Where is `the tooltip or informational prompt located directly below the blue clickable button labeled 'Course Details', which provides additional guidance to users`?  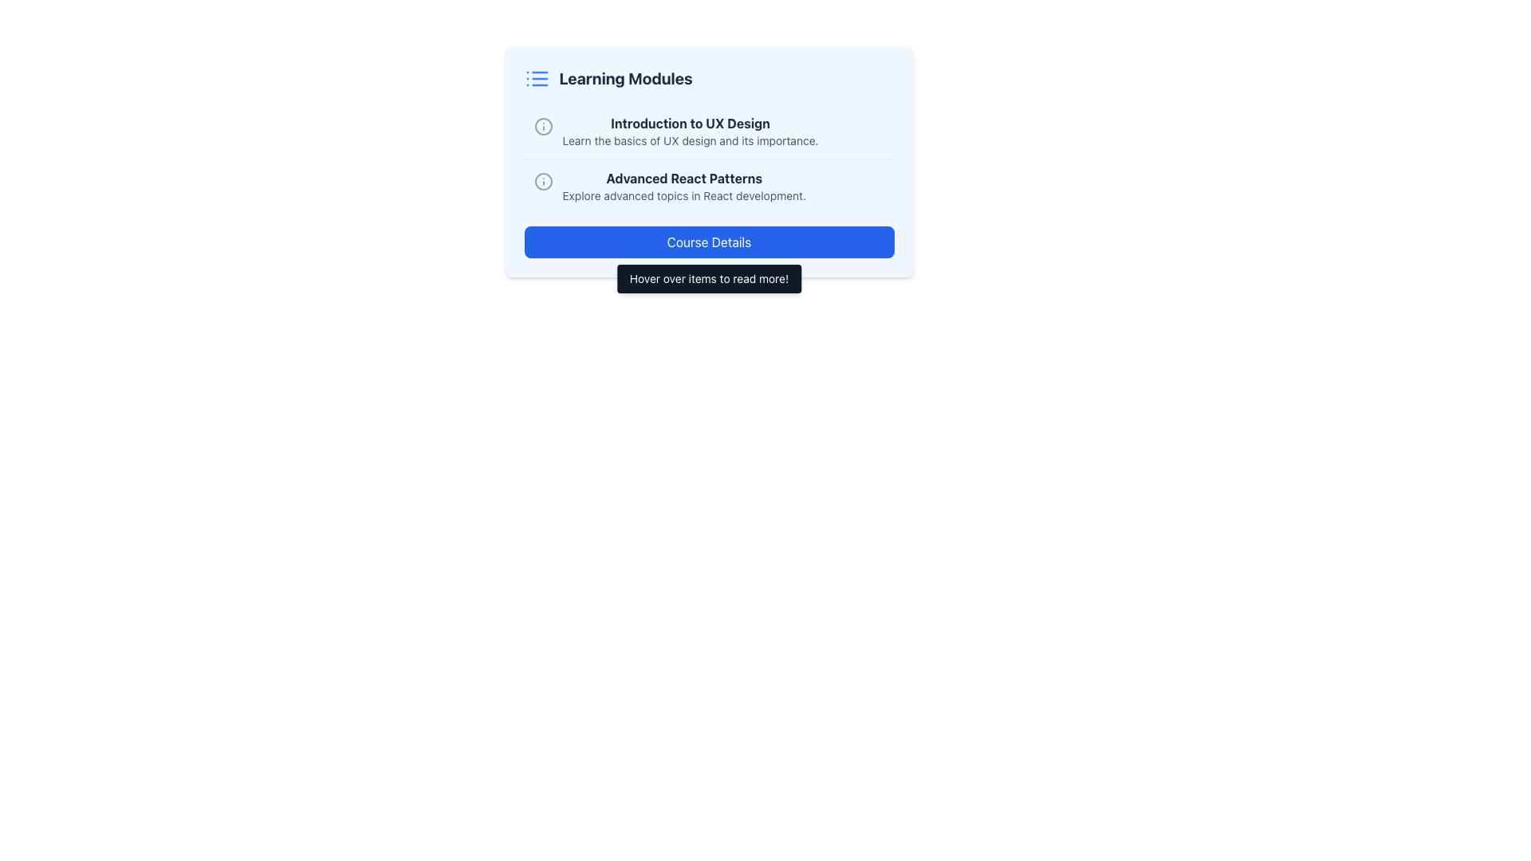 the tooltip or informational prompt located directly below the blue clickable button labeled 'Course Details', which provides additional guidance to users is located at coordinates (708, 278).